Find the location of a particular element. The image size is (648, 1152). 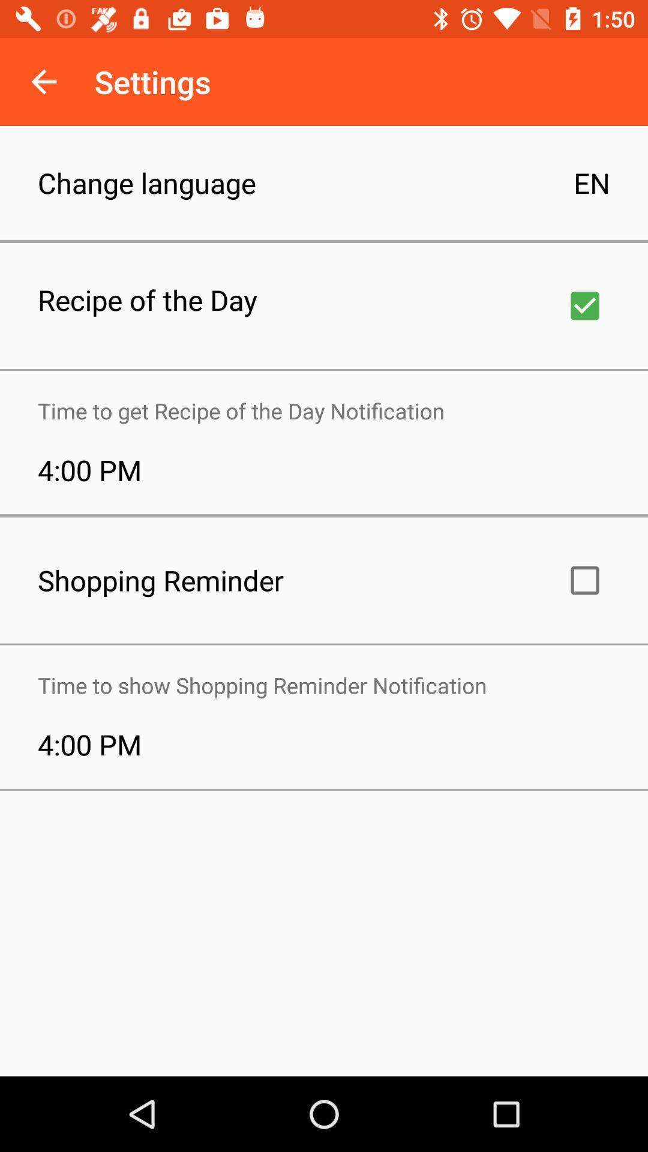

the item to the left of settings item is located at coordinates (43, 81).